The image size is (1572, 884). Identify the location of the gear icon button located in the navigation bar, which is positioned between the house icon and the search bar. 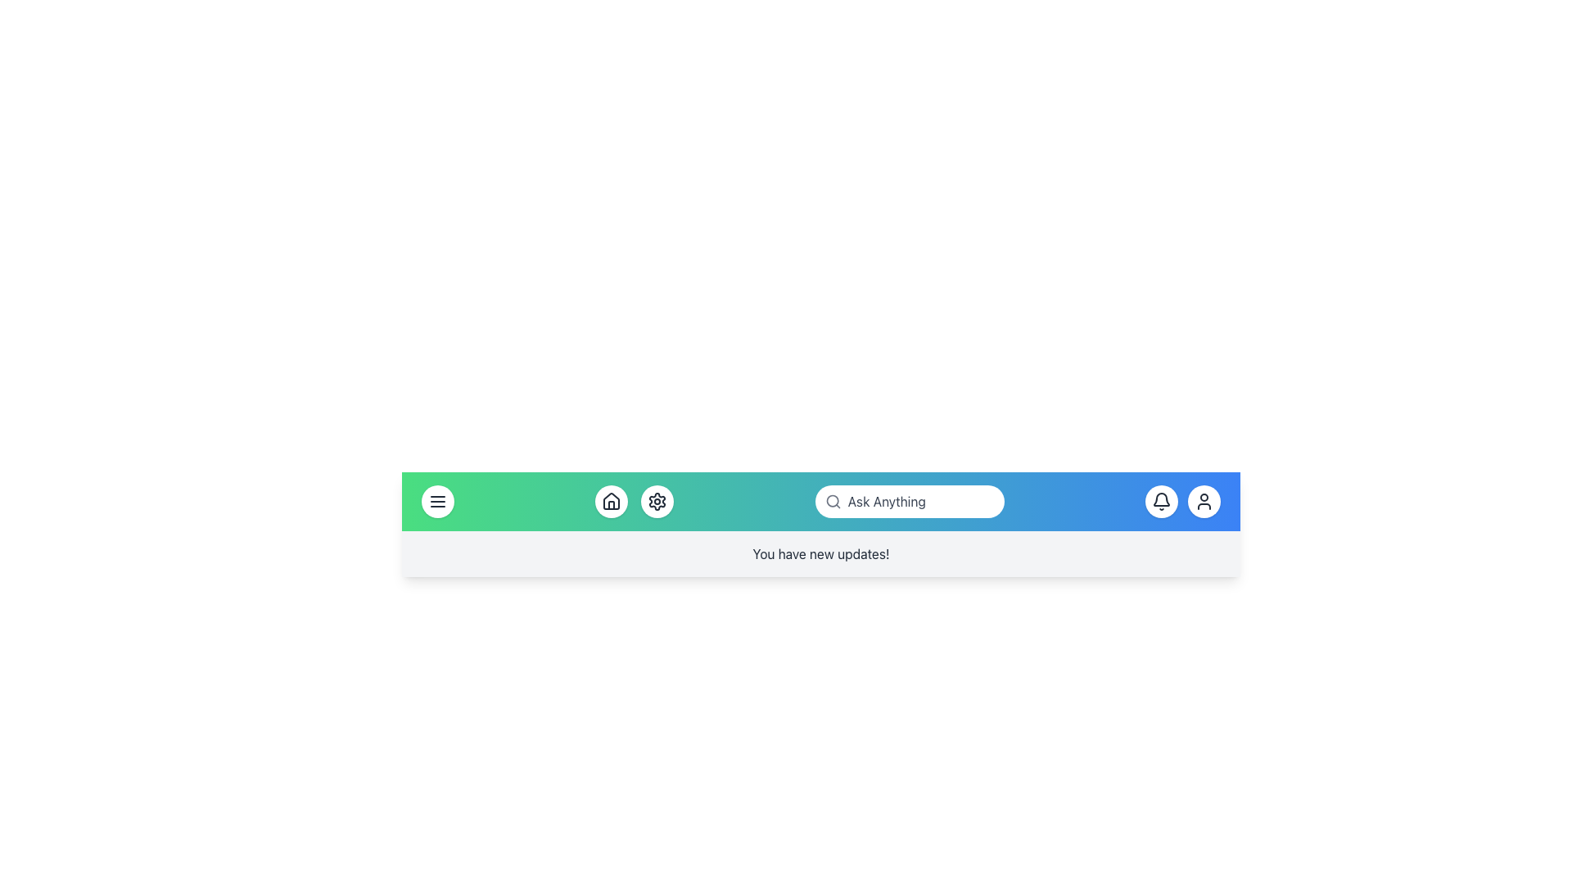
(657, 501).